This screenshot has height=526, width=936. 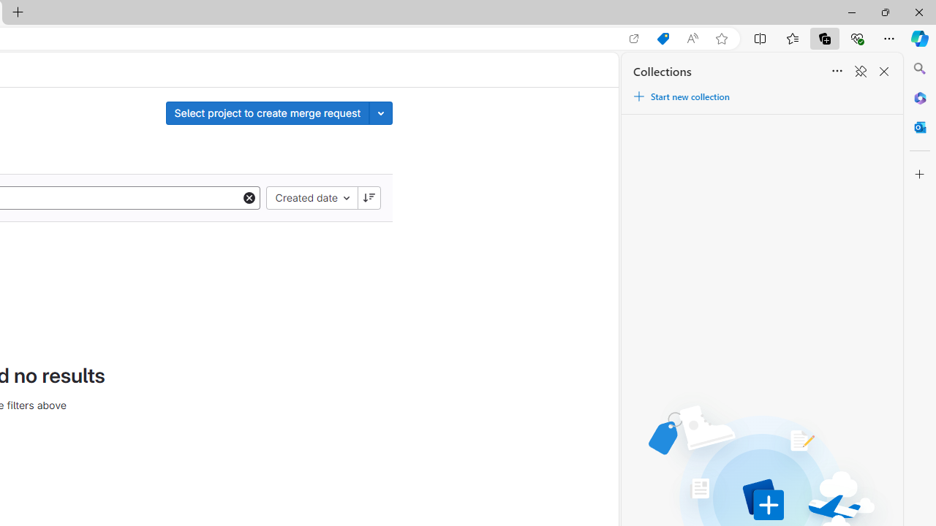 I want to click on 'Close Collections', so click(x=883, y=72).